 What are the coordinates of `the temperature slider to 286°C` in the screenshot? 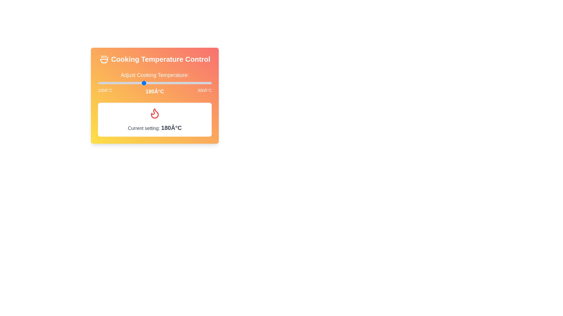 It's located at (204, 83).